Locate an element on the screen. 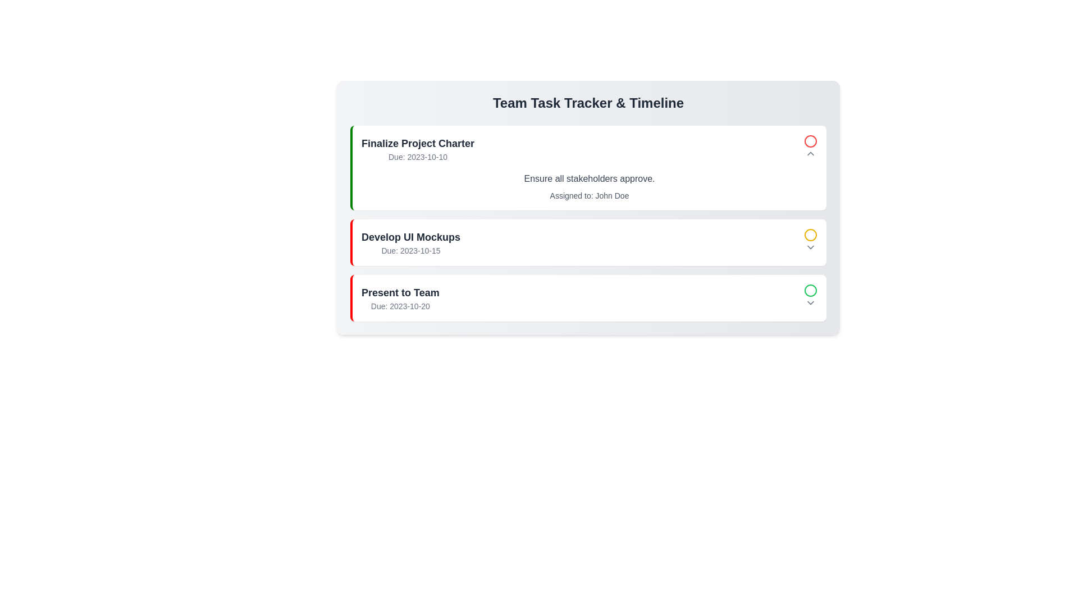 Image resolution: width=1078 pixels, height=606 pixels. the circular visual indicator located in the top-right corner of the first task card, near the dropdown icon is located at coordinates (811, 140).